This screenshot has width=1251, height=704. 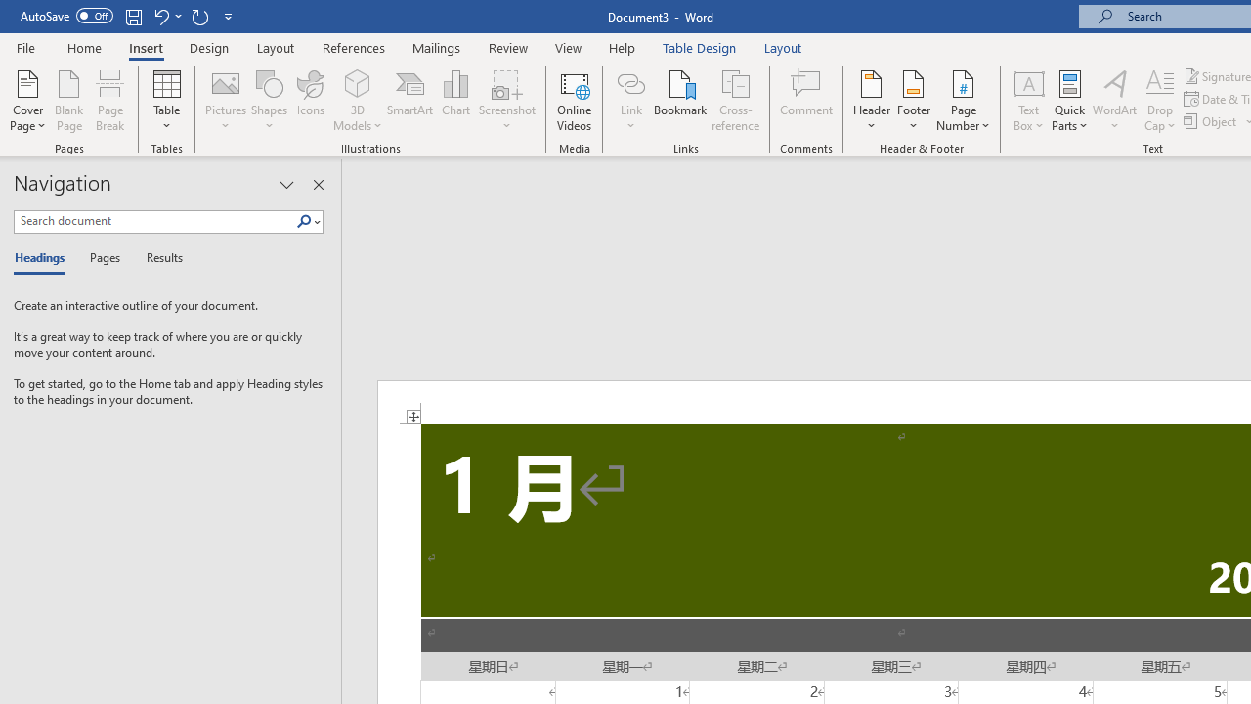 I want to click on 'Page Number', so click(x=964, y=101).